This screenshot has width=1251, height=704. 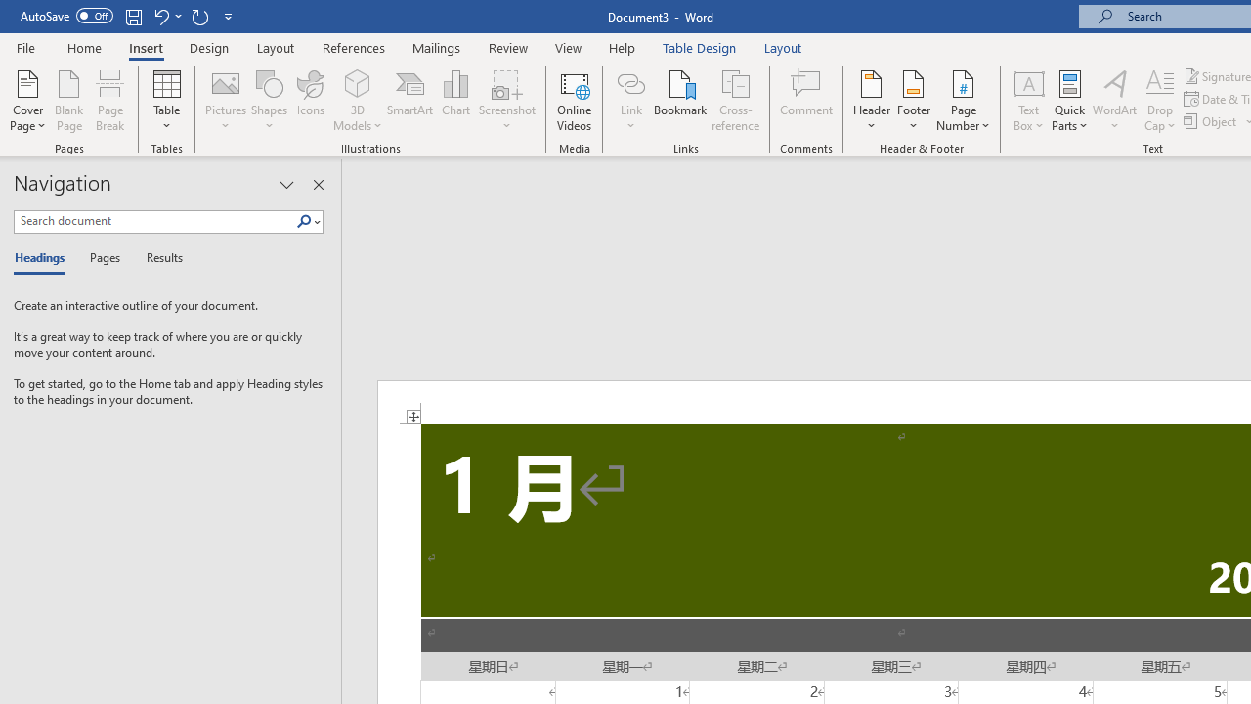 I want to click on 'Page Number', so click(x=964, y=101).